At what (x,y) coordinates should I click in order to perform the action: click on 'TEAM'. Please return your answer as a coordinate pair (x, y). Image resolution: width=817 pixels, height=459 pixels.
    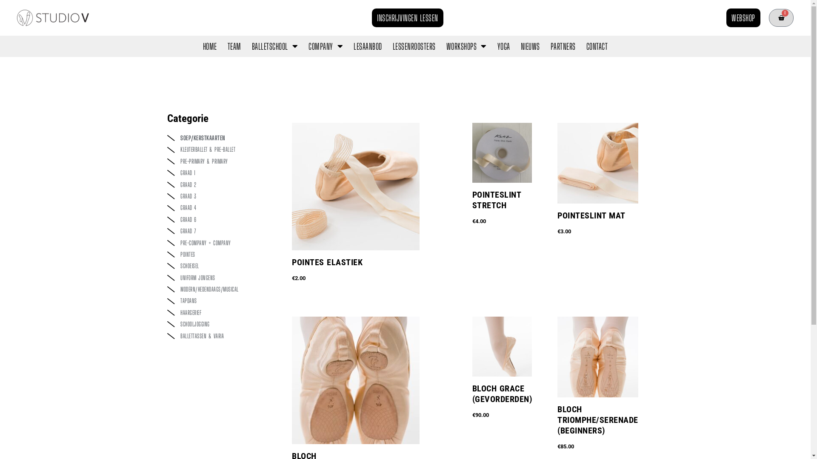
    Looking at the image, I should click on (234, 46).